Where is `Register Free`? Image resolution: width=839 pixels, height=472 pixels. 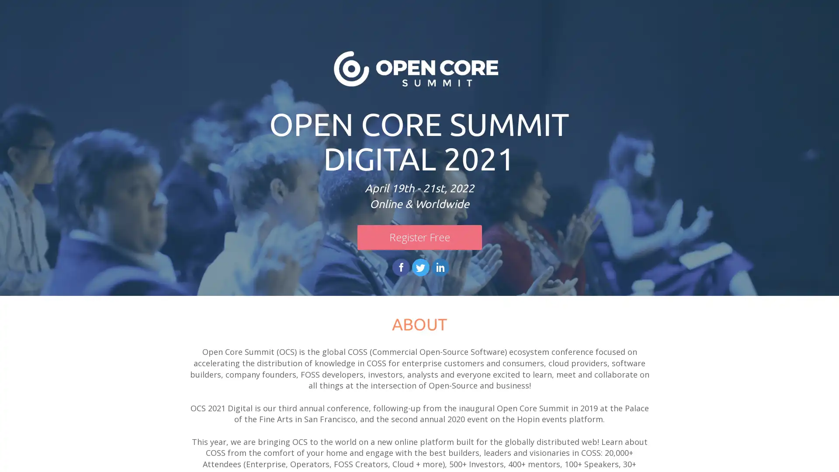 Register Free is located at coordinates (419, 237).